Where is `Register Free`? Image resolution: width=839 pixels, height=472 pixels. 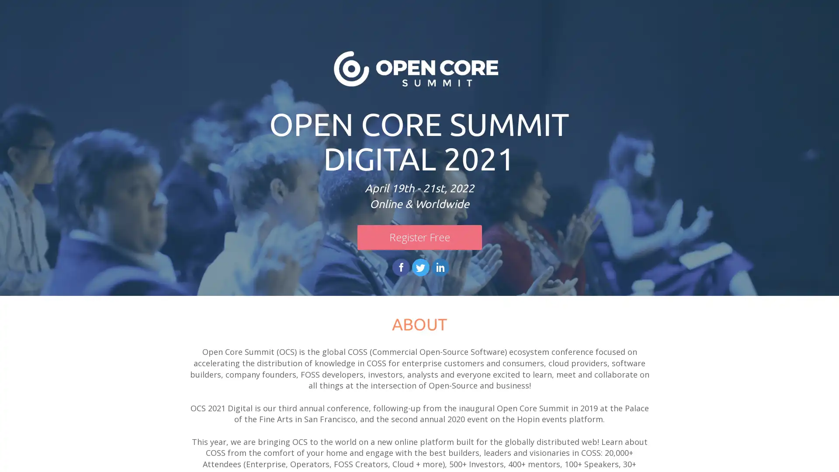 Register Free is located at coordinates (419, 237).